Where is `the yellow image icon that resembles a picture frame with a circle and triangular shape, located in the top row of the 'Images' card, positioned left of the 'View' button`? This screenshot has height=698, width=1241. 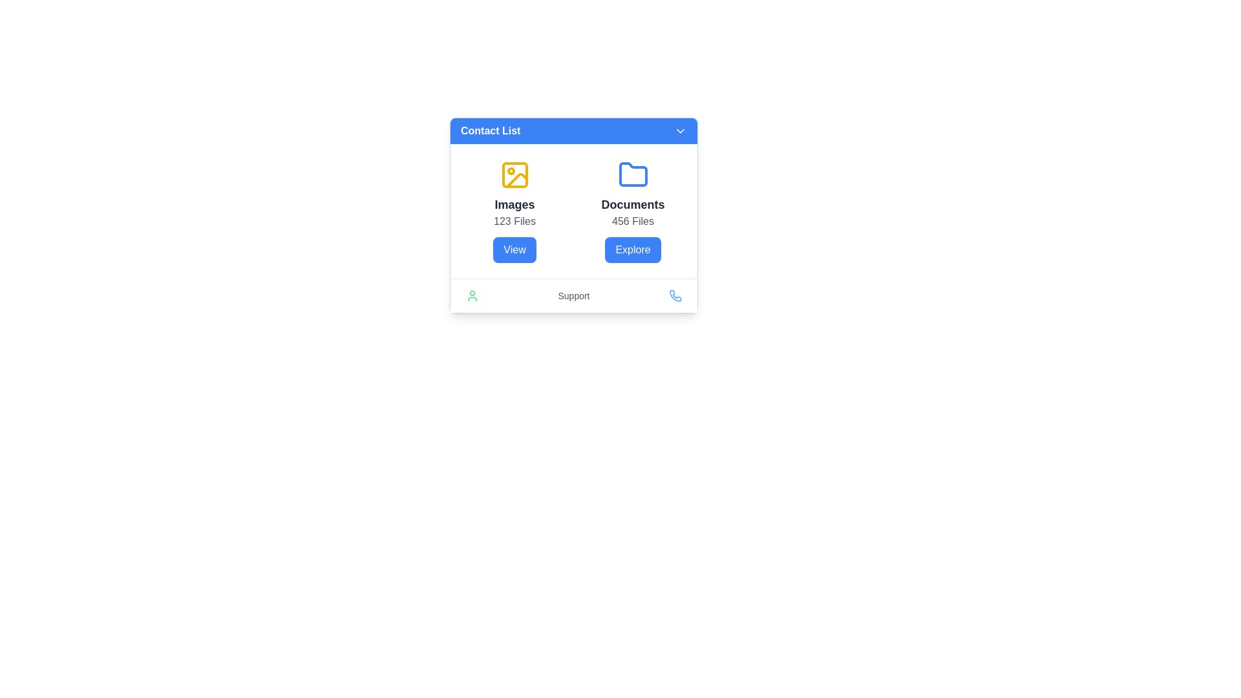
the yellow image icon that resembles a picture frame with a circle and triangular shape, located in the top row of the 'Images' card, positioned left of the 'View' button is located at coordinates (514, 174).